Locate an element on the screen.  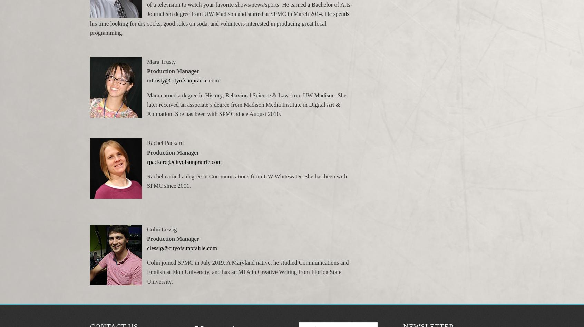
'Rachel earned a degree in Communications from UW Whitewater. She has been with SPMC since 2001.' is located at coordinates (246, 181).